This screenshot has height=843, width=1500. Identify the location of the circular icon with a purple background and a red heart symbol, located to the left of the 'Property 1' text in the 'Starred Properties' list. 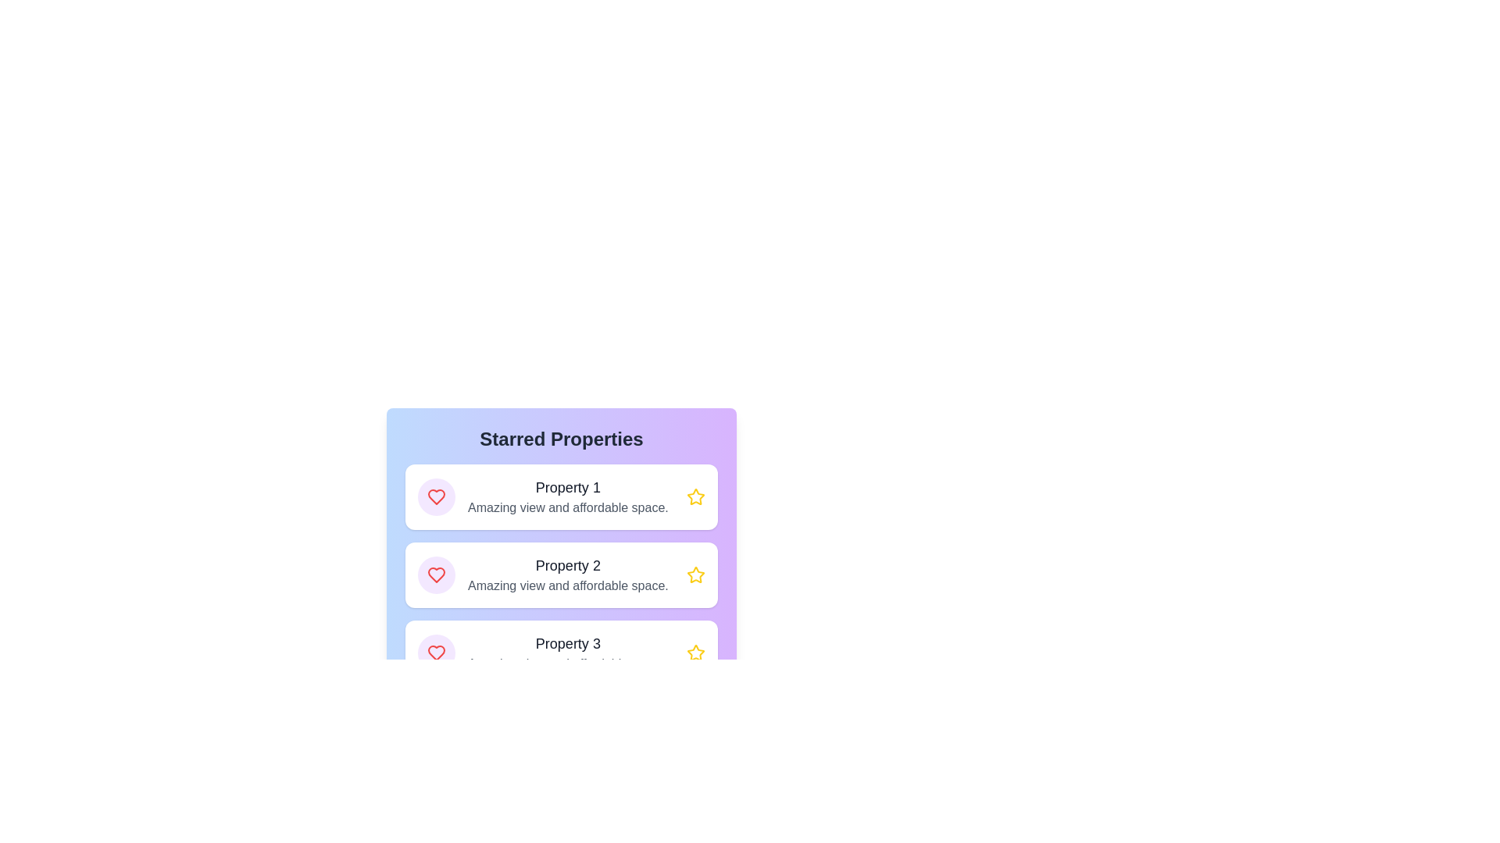
(436, 496).